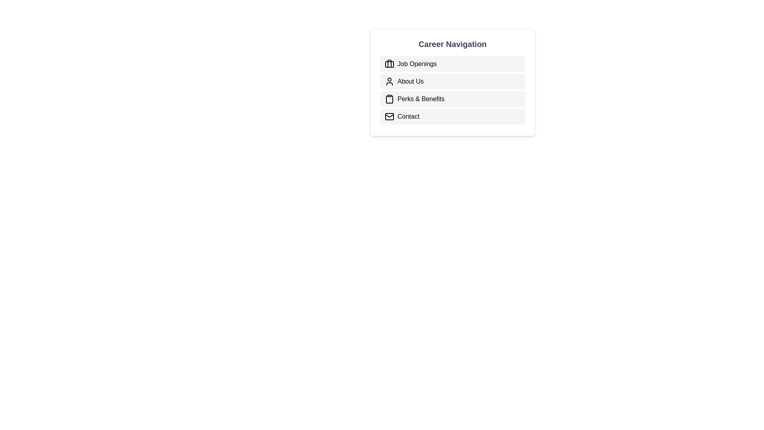 The height and width of the screenshot is (430, 764). Describe the element at coordinates (452, 44) in the screenshot. I see `the static text label that serves as a title or header, located at the top of the vertical list in the panel, centered horizontally and placed near the top` at that location.